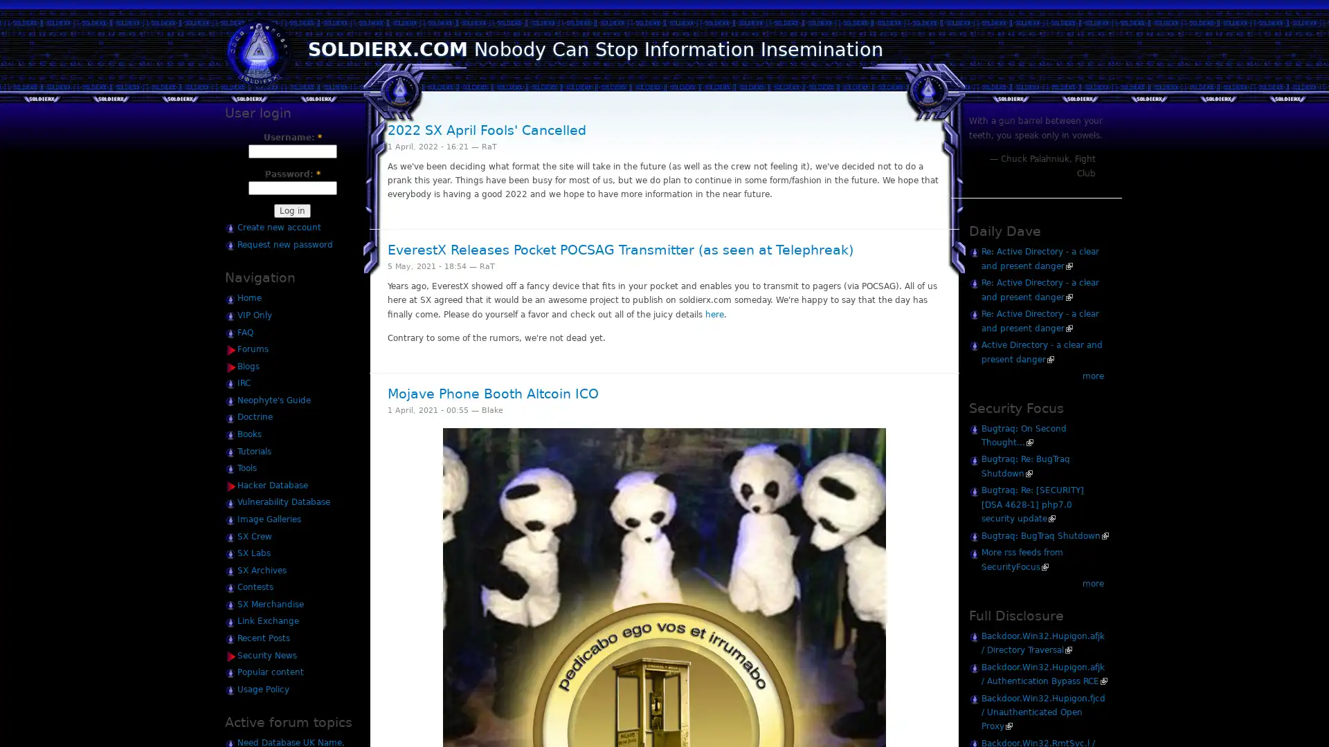 The height and width of the screenshot is (747, 1329). What do you see at coordinates (291, 210) in the screenshot?
I see `Log in` at bounding box center [291, 210].